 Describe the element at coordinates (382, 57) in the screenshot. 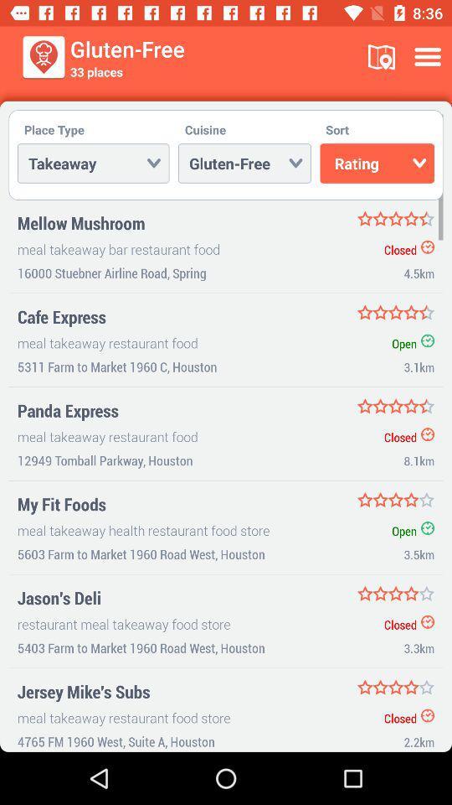

I see `the button left to menu button` at that location.